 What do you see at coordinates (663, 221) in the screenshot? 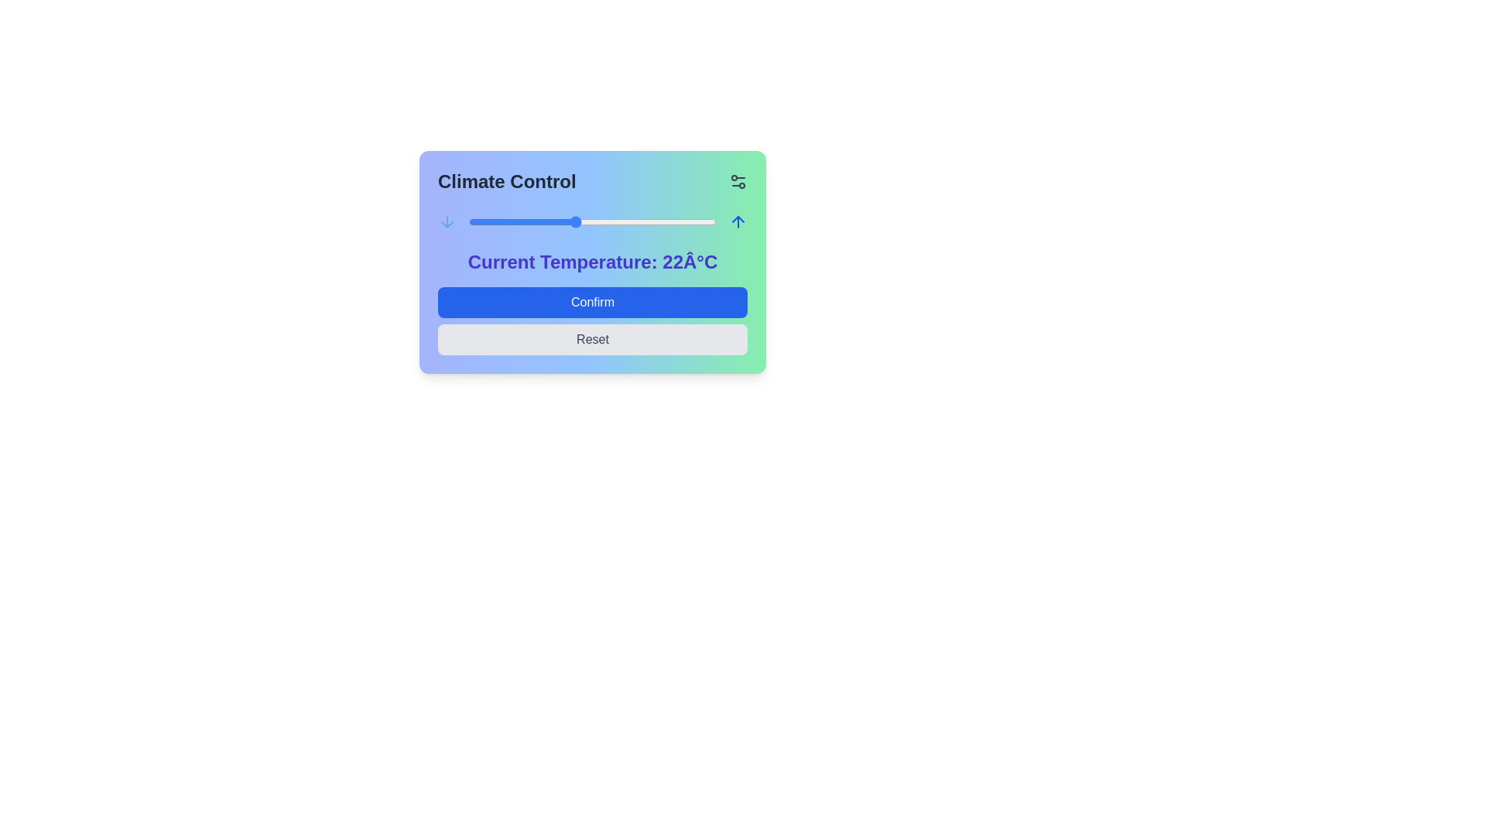
I see `the temperature slider to set the temperature to 27°C` at bounding box center [663, 221].